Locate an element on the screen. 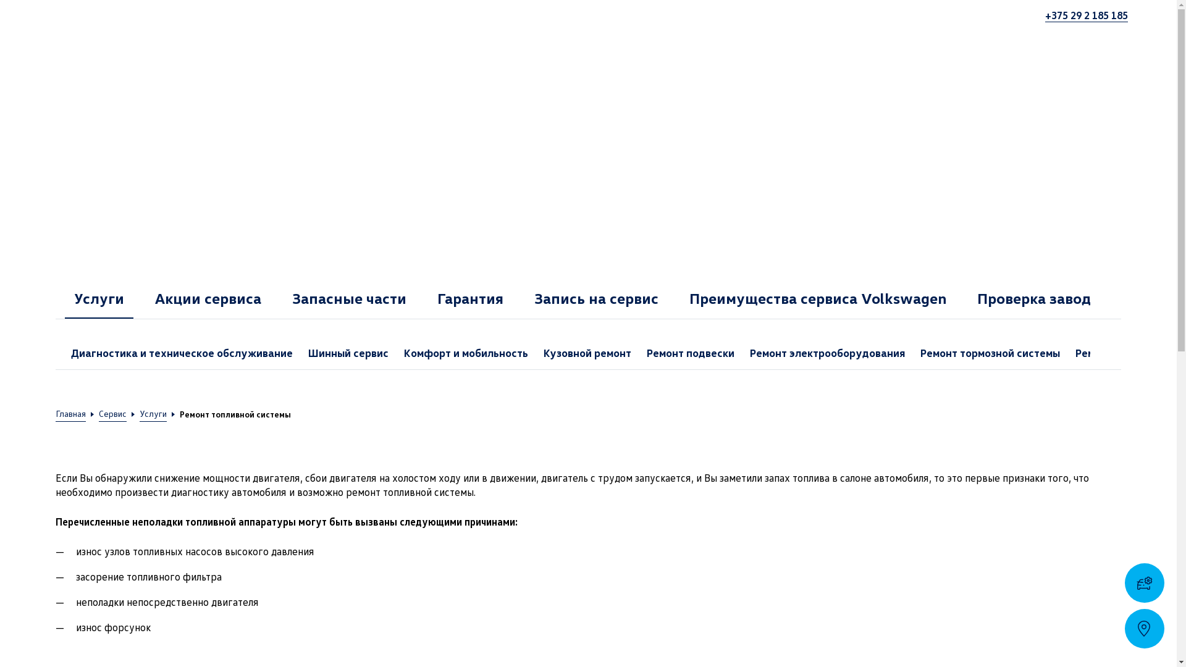  '+375 29 2 185 185' is located at coordinates (1085, 15).